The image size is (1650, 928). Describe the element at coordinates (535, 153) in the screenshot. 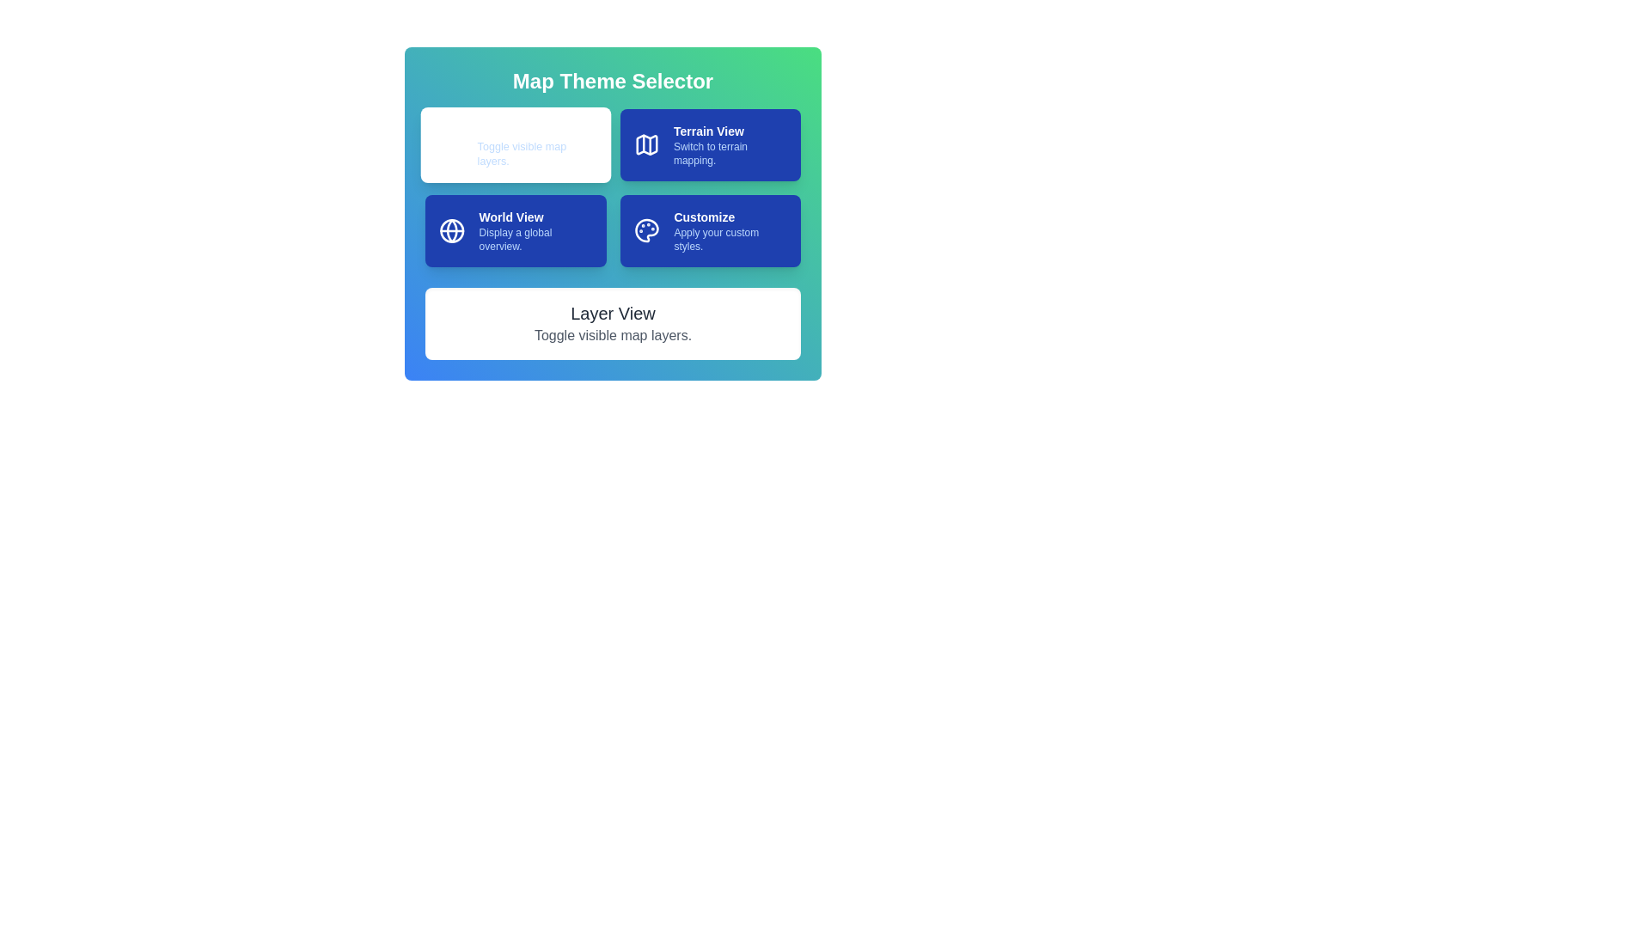

I see `the informational text located in the white rectangular box below the 'Layer View' text to read its content` at that location.